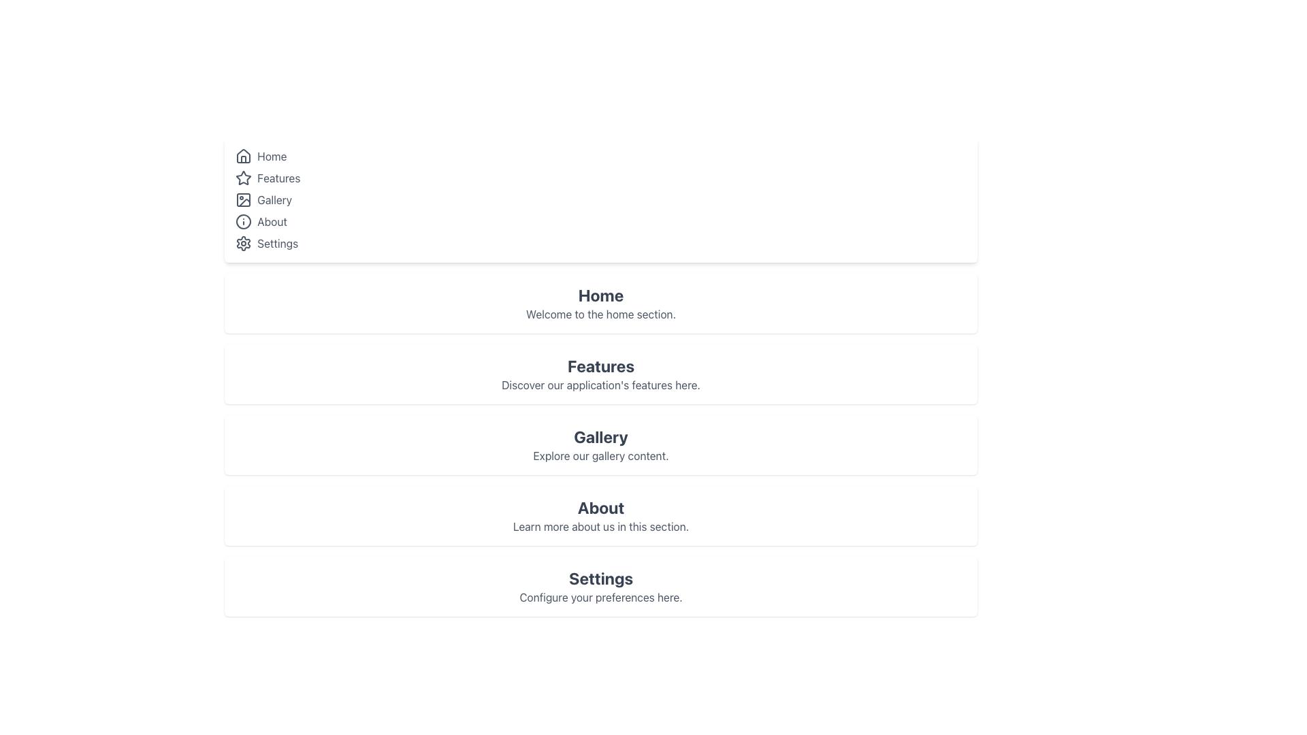 The height and width of the screenshot is (735, 1307). I want to click on the 'Gallery' text label, which is the third item in the vertical navigation list, located beneath 'Features' and above 'About', displayed in dark gray, so click(274, 199).